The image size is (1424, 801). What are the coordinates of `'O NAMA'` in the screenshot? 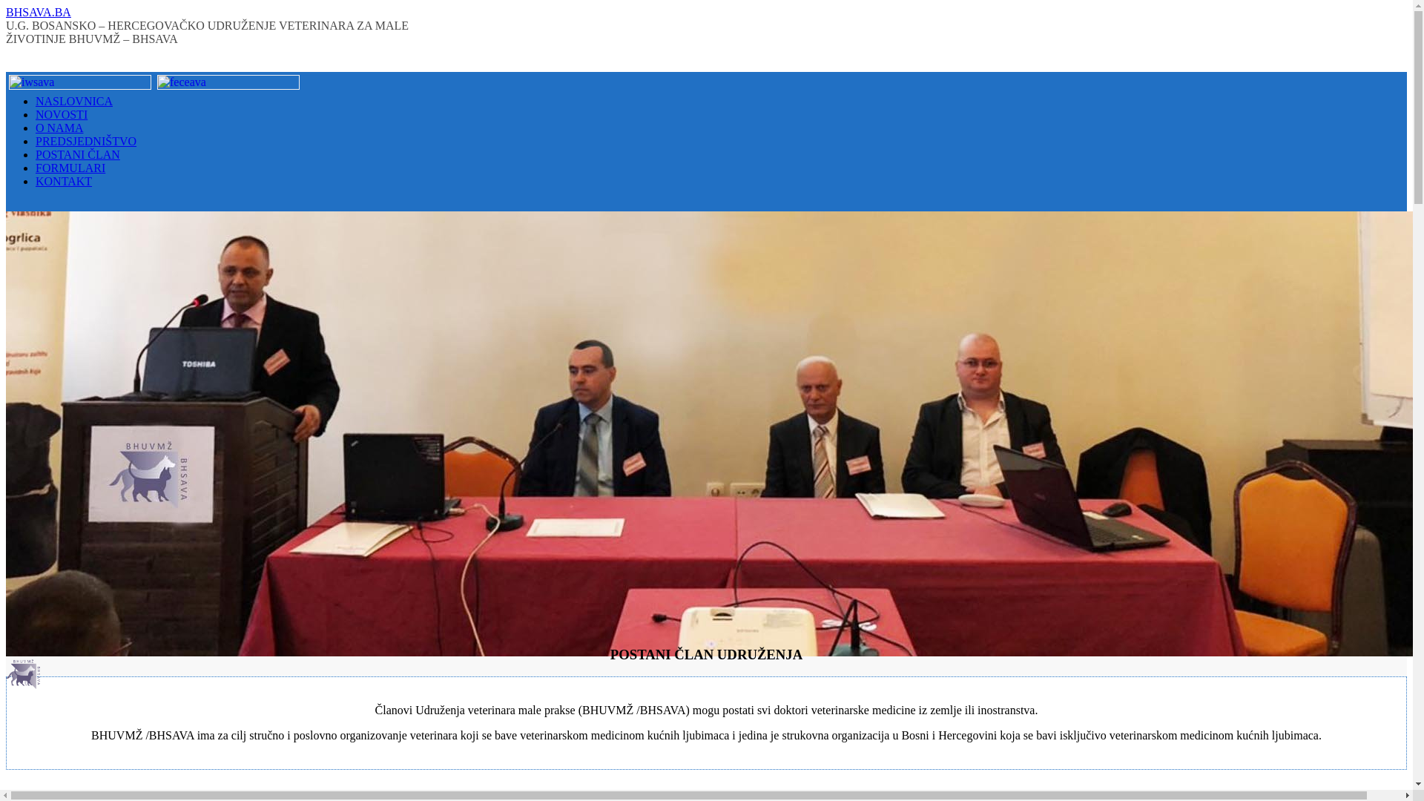 It's located at (59, 127).